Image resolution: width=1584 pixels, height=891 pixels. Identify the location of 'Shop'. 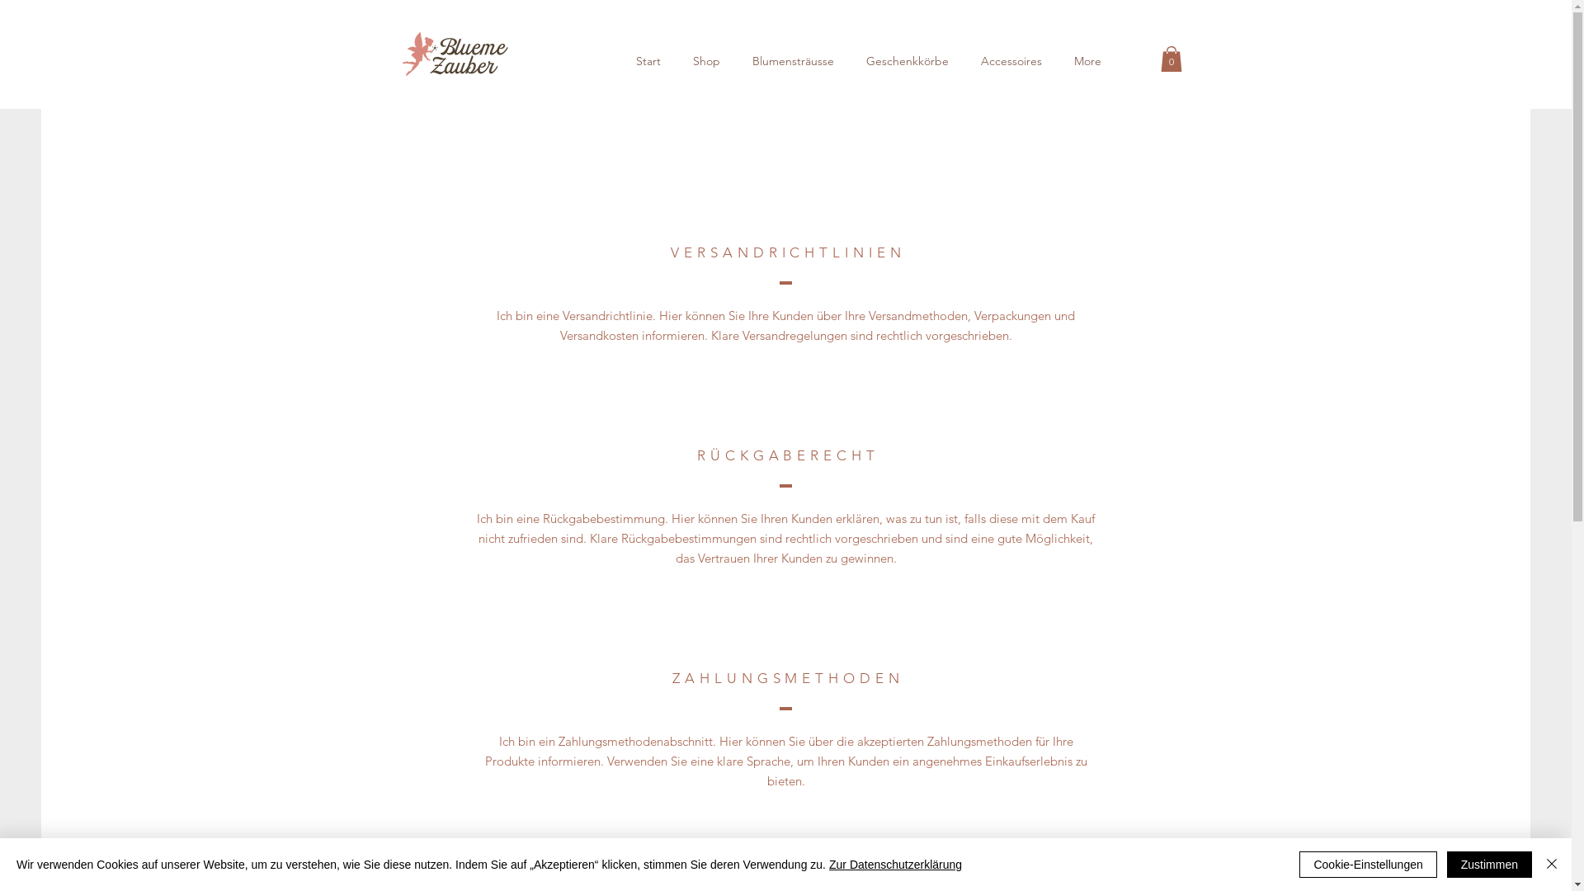
(705, 59).